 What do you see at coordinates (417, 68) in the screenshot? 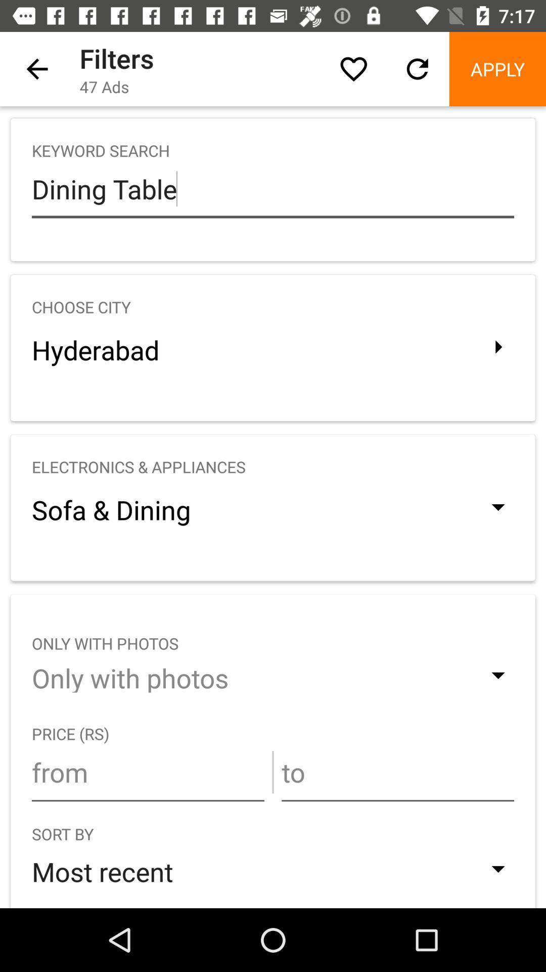
I see `the icon above the keyword search` at bounding box center [417, 68].